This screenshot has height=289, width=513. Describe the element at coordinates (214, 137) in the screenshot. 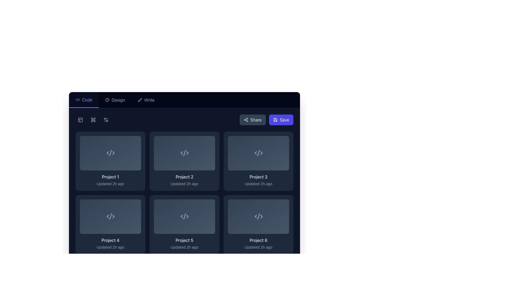

I see `the button with a layers icon located in the top-right corner of the second project card, which is a small, interactive, rounded rectangle with a hover effect` at that location.